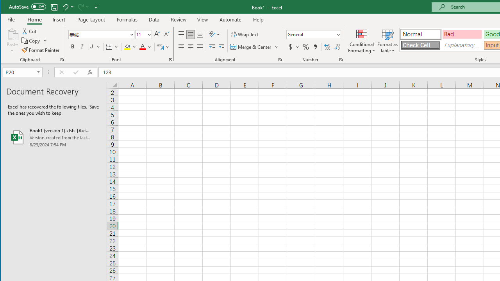 The height and width of the screenshot is (281, 500). What do you see at coordinates (420, 45) in the screenshot?
I see `'Check Cell'` at bounding box center [420, 45].